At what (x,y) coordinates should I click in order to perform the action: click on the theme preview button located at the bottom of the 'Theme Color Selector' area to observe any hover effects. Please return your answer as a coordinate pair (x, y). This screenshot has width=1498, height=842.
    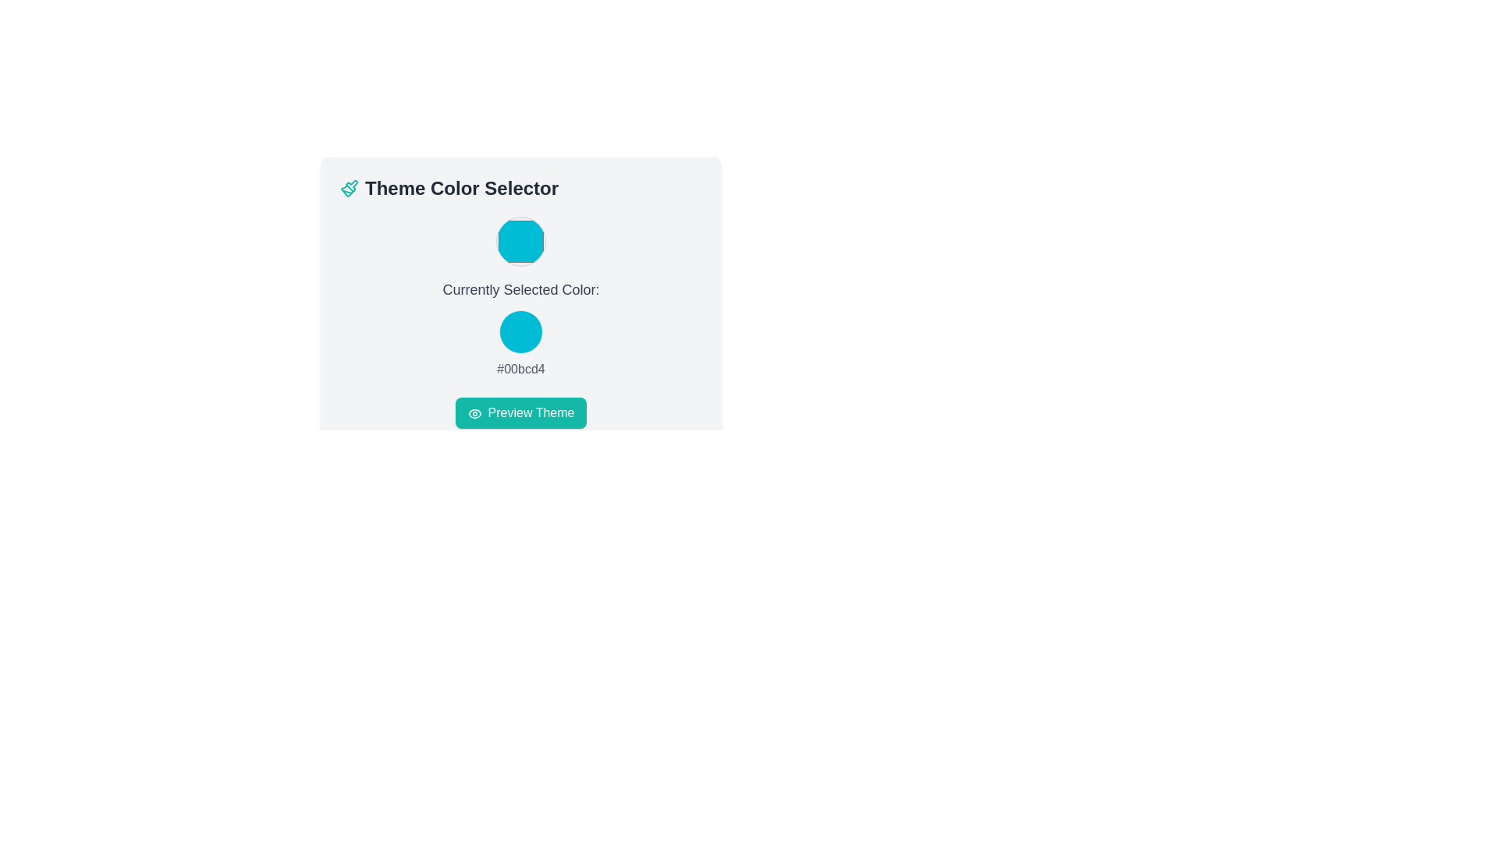
    Looking at the image, I should click on (520, 412).